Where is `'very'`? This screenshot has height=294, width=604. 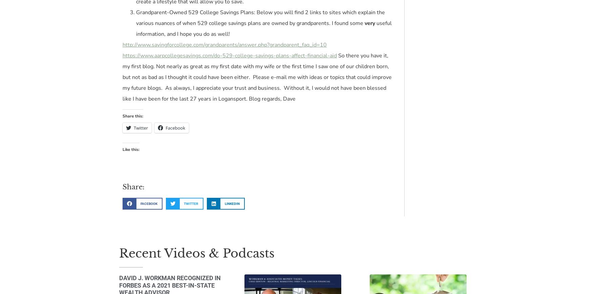
'very' is located at coordinates (370, 23).